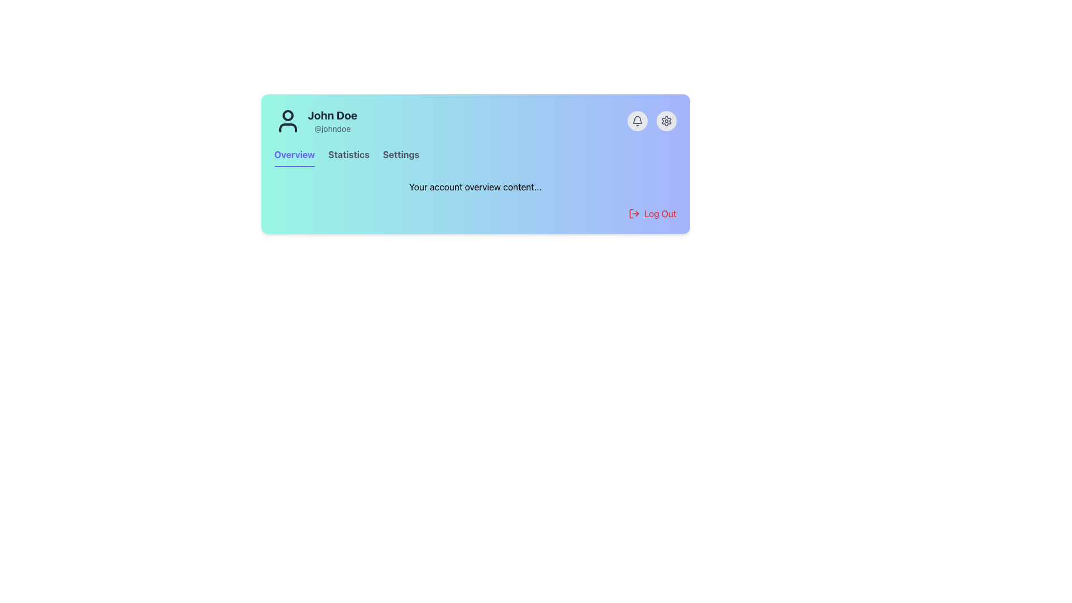 This screenshot has width=1072, height=603. Describe the element at coordinates (634, 213) in the screenshot. I see `the log out icon located in the top-right corner of the user interface, which visually represents the action of logging out and is positioned before the text label 'Log Out'` at that location.